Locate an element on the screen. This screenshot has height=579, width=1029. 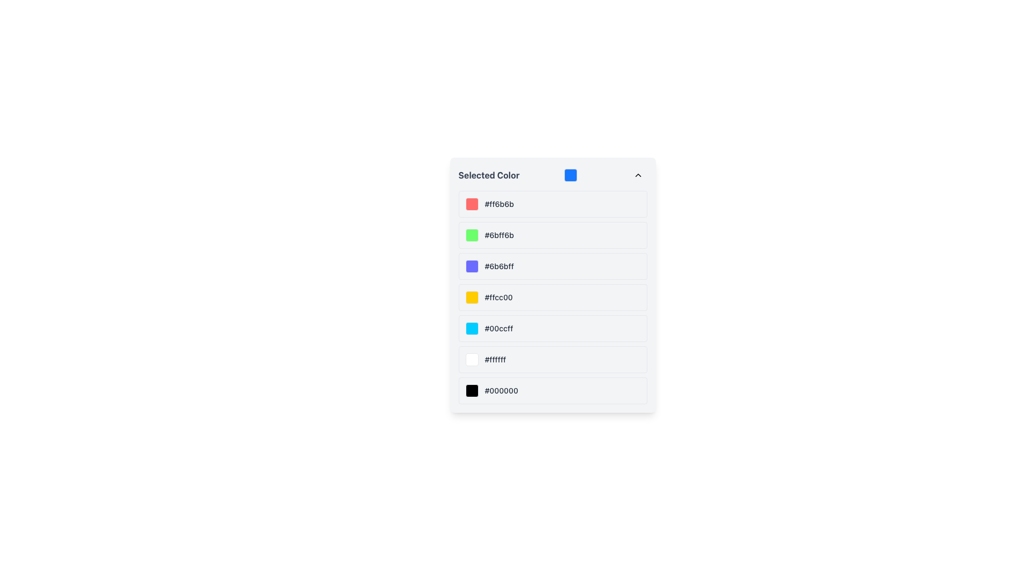
the color selection dropdown menu that displays a blue square swatch is located at coordinates (553, 175).